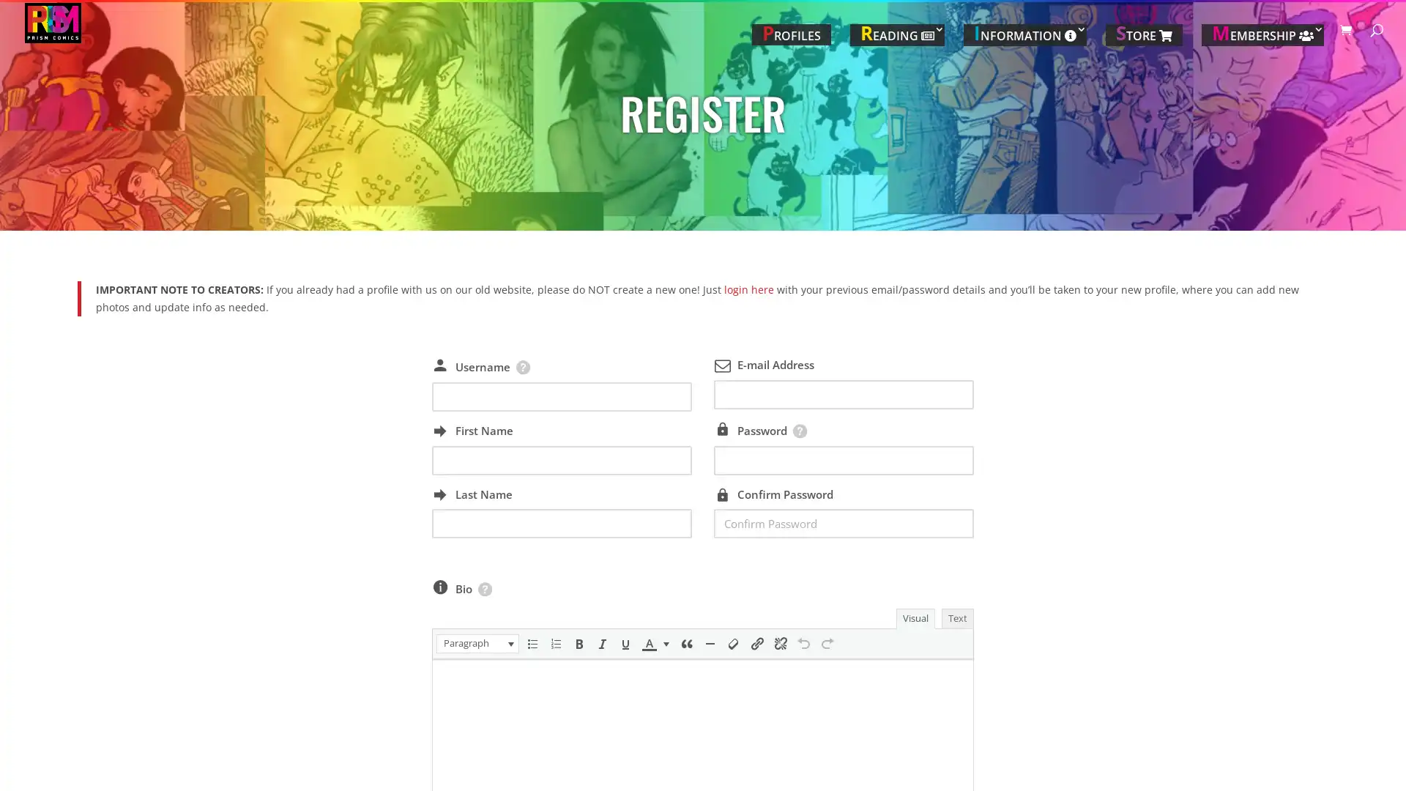  Describe the element at coordinates (554, 643) in the screenshot. I see `Numbered list (O)` at that location.